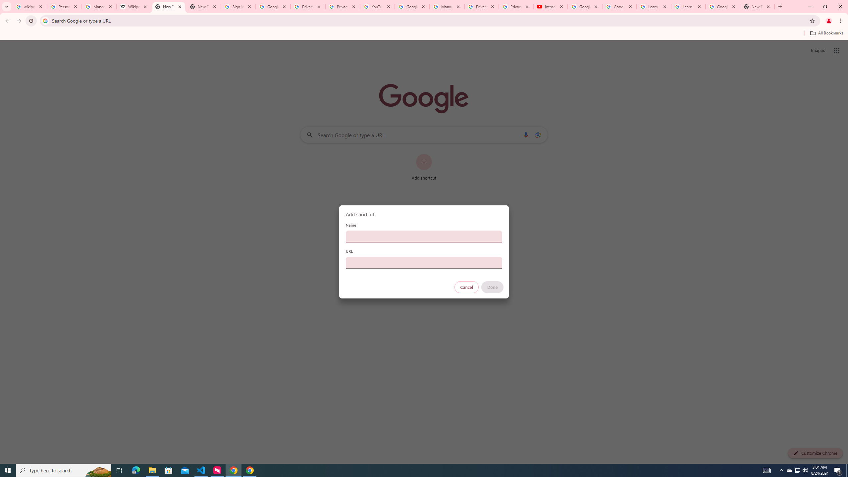  Describe the element at coordinates (424, 236) in the screenshot. I see `'Name'` at that location.